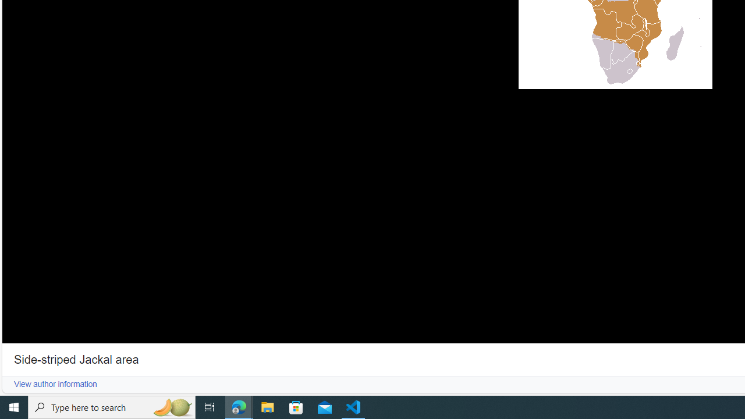 Image resolution: width=745 pixels, height=419 pixels. I want to click on 'View author information', so click(55, 384).